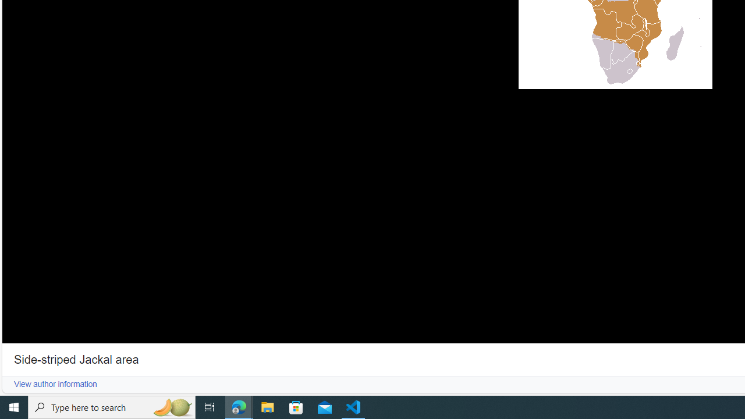 Image resolution: width=745 pixels, height=419 pixels. I want to click on 'View author information', so click(55, 384).